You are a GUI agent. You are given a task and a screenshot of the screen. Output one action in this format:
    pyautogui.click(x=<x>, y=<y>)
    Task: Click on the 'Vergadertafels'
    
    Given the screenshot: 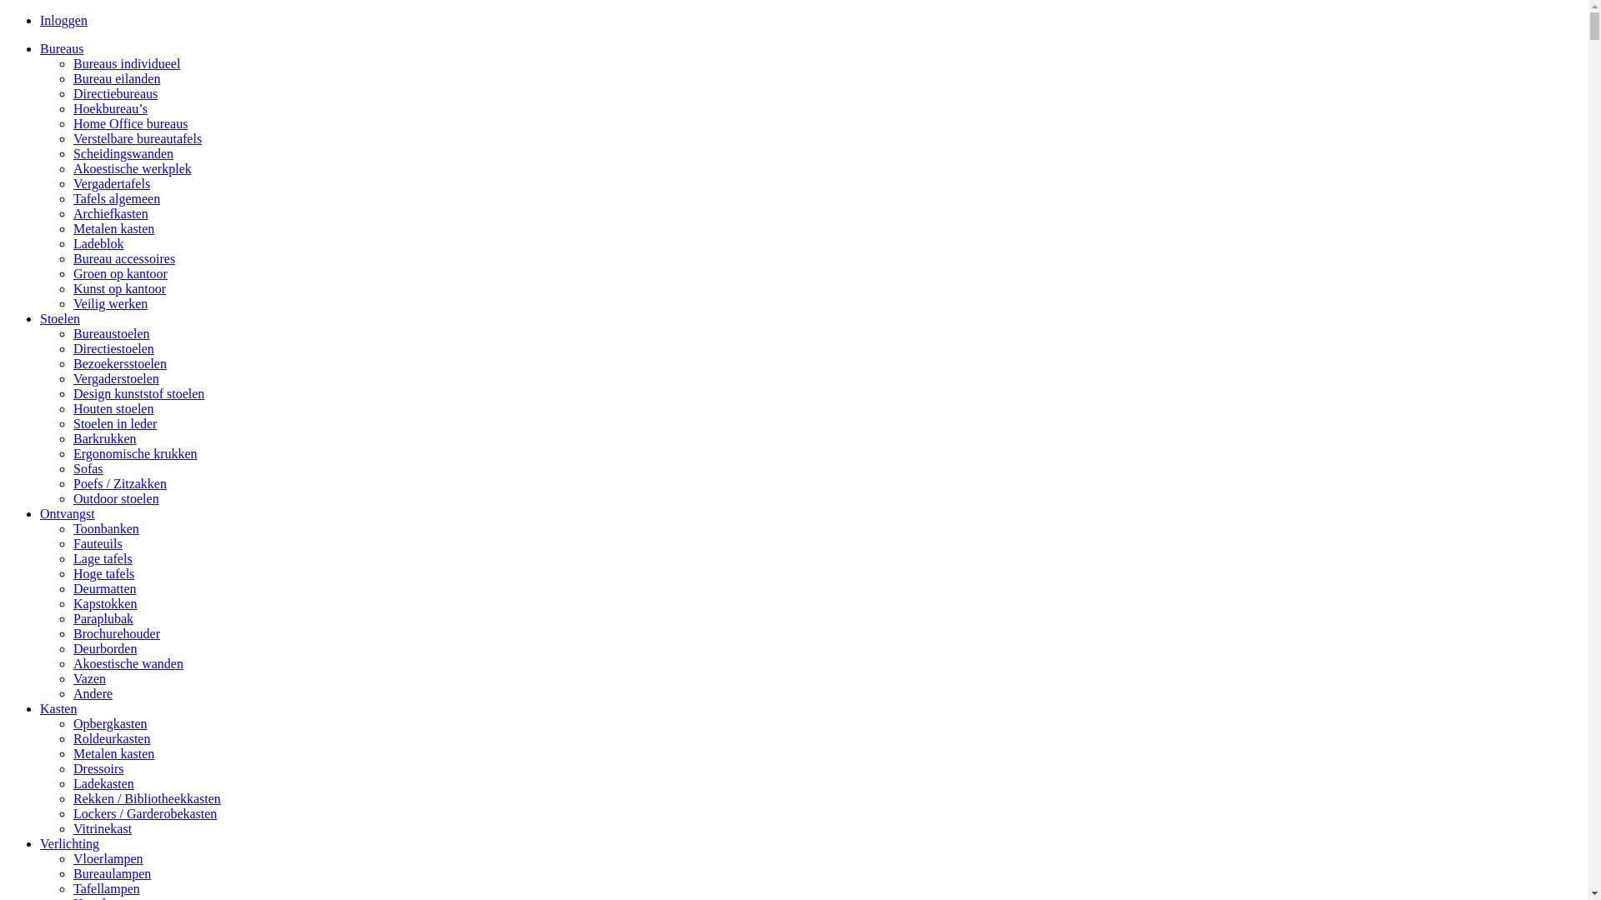 What is the action you would take?
    pyautogui.click(x=111, y=183)
    